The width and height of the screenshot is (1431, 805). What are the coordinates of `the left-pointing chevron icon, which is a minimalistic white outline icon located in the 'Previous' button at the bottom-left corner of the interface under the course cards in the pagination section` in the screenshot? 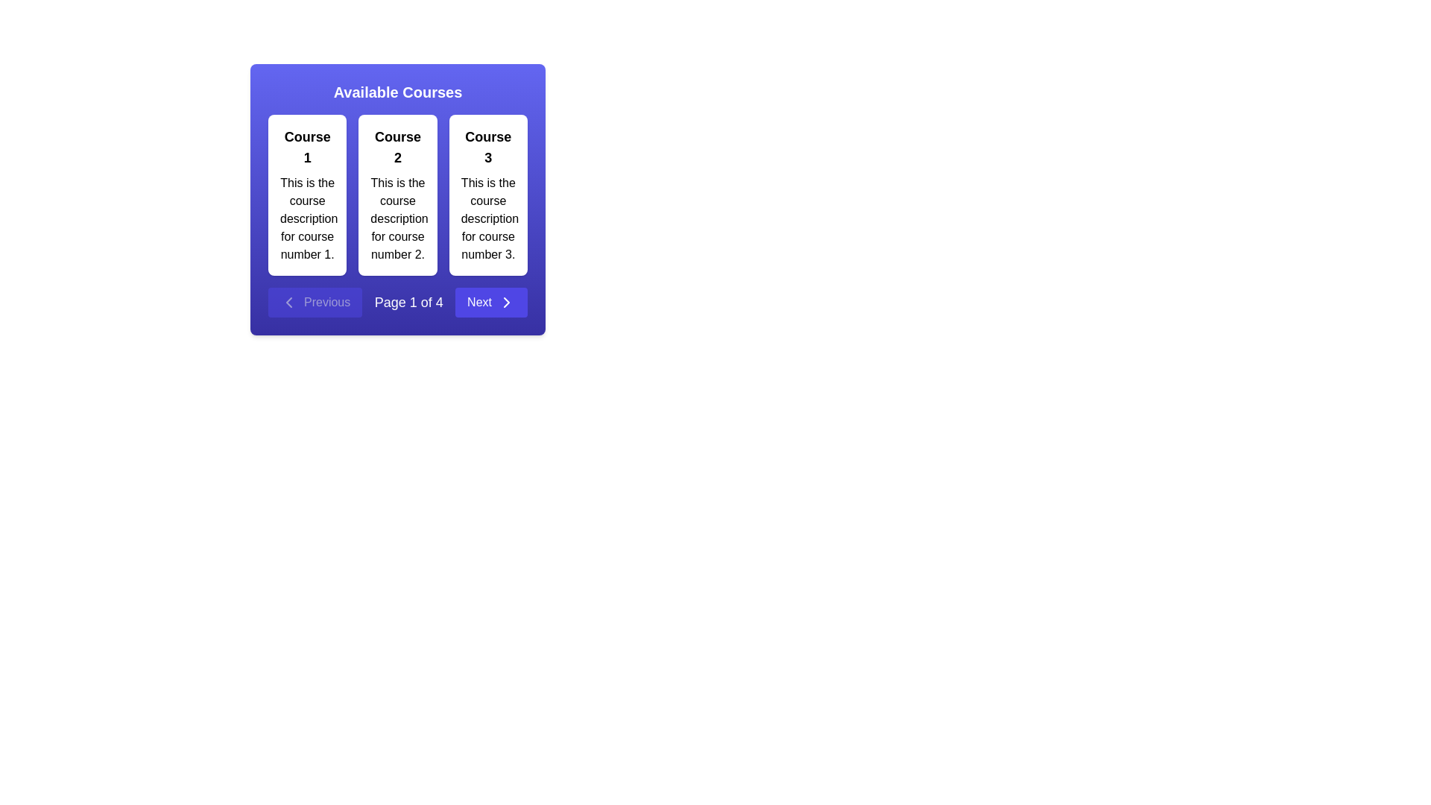 It's located at (289, 302).